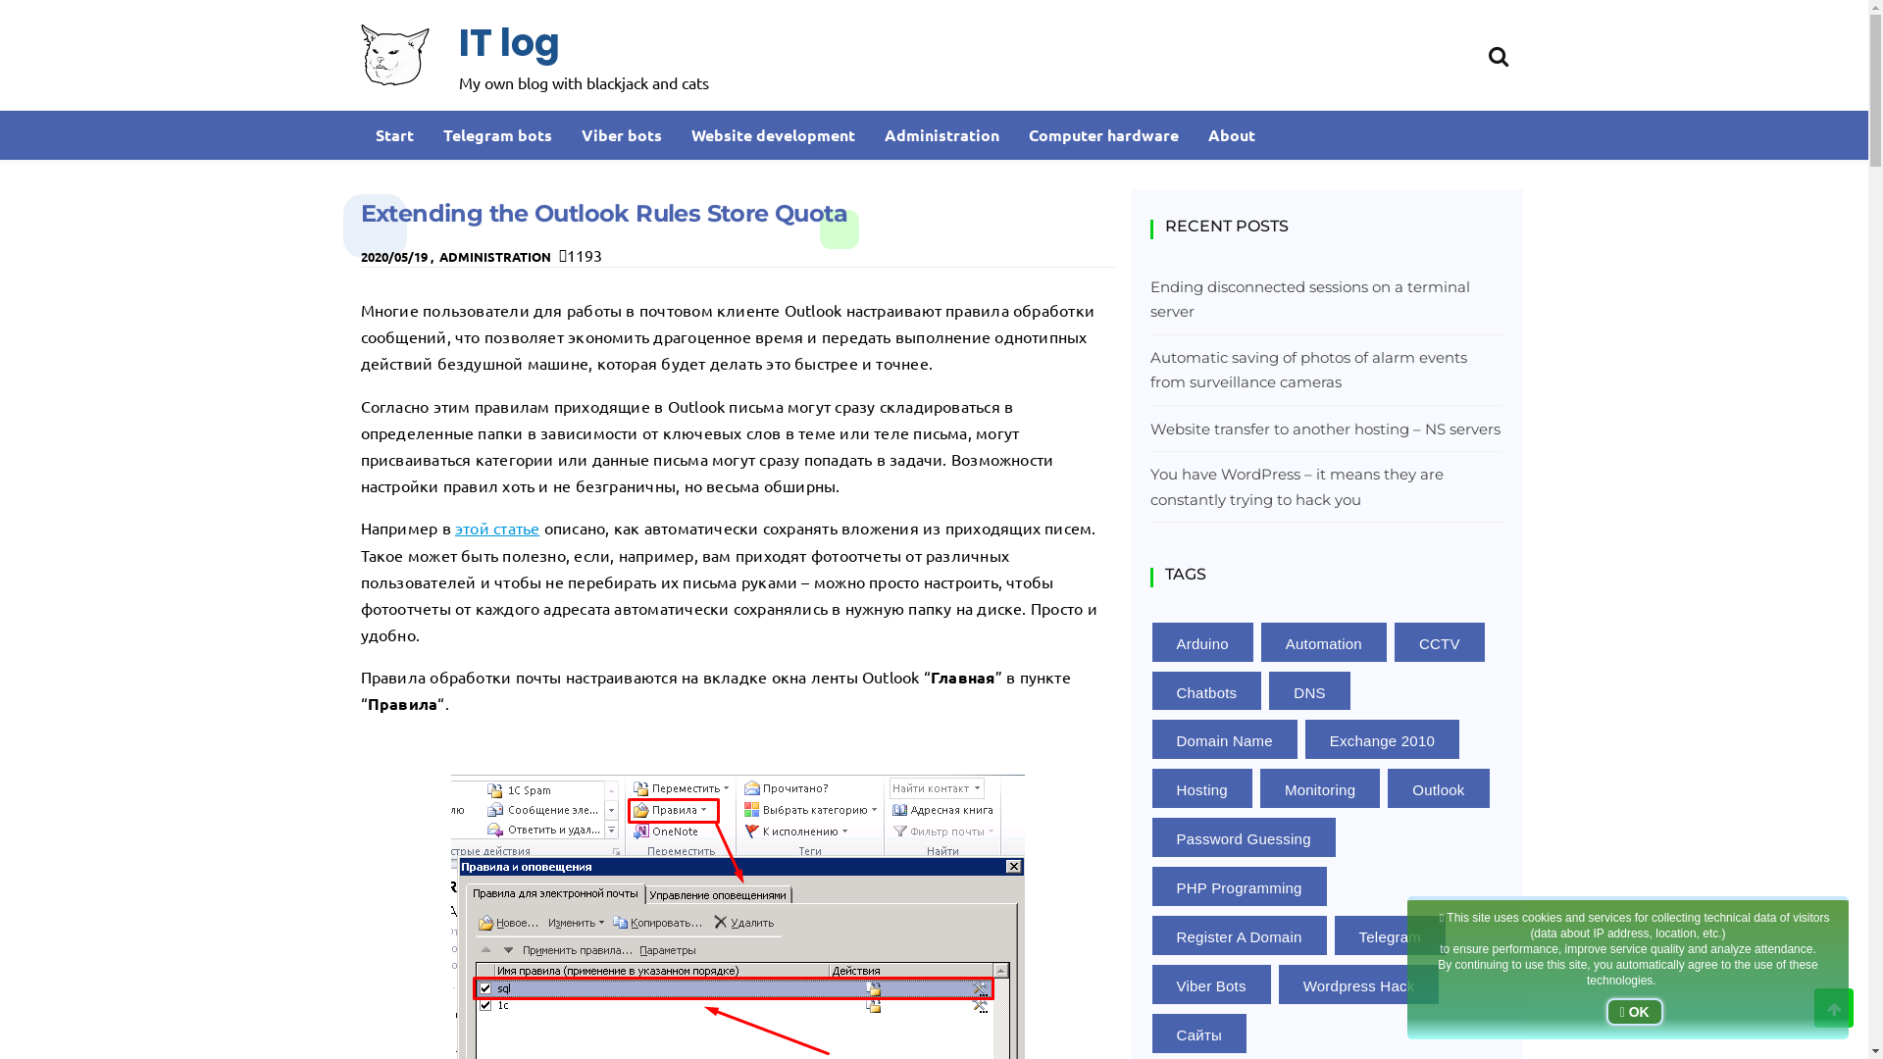  Describe the element at coordinates (1209, 983) in the screenshot. I see `'Viber Bots'` at that location.